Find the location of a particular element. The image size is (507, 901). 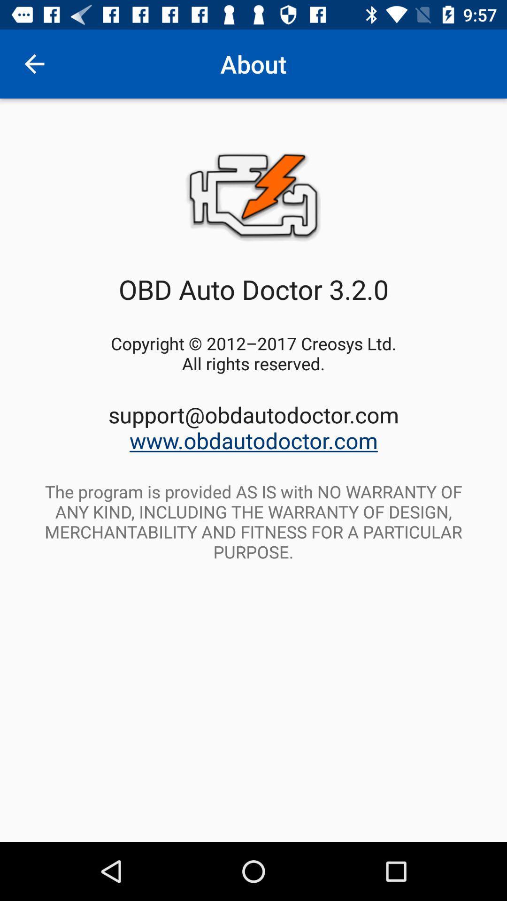

icon above obd auto doctor item is located at coordinates (34, 63).